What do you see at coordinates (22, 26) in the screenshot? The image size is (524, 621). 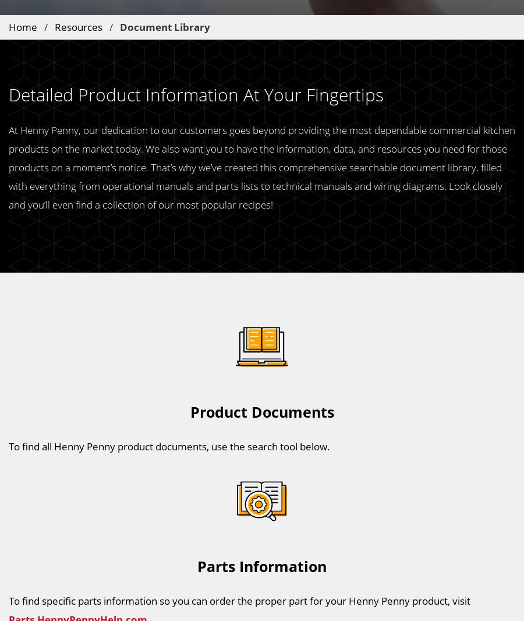 I see `'Home'` at bounding box center [22, 26].